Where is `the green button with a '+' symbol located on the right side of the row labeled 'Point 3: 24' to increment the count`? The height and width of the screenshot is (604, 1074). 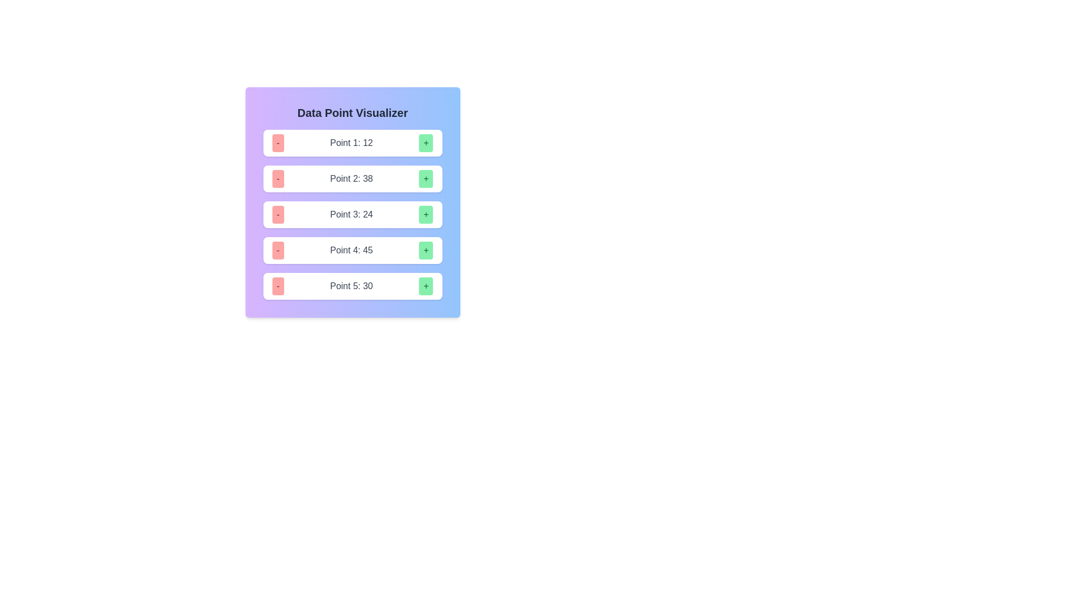 the green button with a '+' symbol located on the right side of the row labeled 'Point 3: 24' to increment the count is located at coordinates (425, 215).